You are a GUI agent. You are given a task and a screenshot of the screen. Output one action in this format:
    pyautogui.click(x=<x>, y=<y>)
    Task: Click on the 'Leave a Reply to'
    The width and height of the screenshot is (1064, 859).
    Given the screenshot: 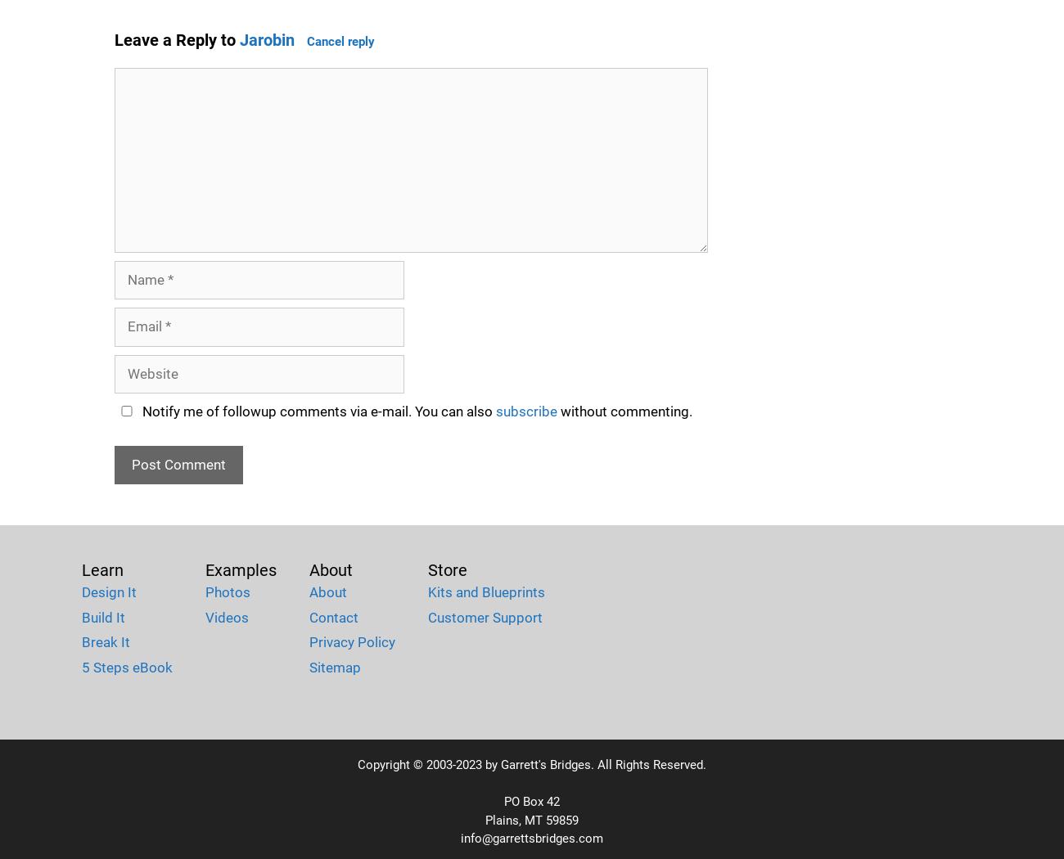 What is the action you would take?
    pyautogui.click(x=177, y=38)
    